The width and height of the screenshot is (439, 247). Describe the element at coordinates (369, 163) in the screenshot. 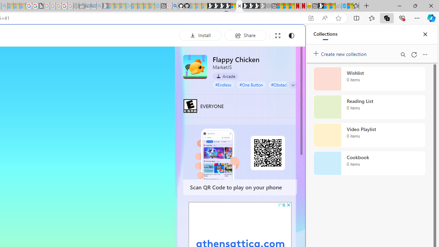

I see `'Cookbook collection, 0 items'` at that location.